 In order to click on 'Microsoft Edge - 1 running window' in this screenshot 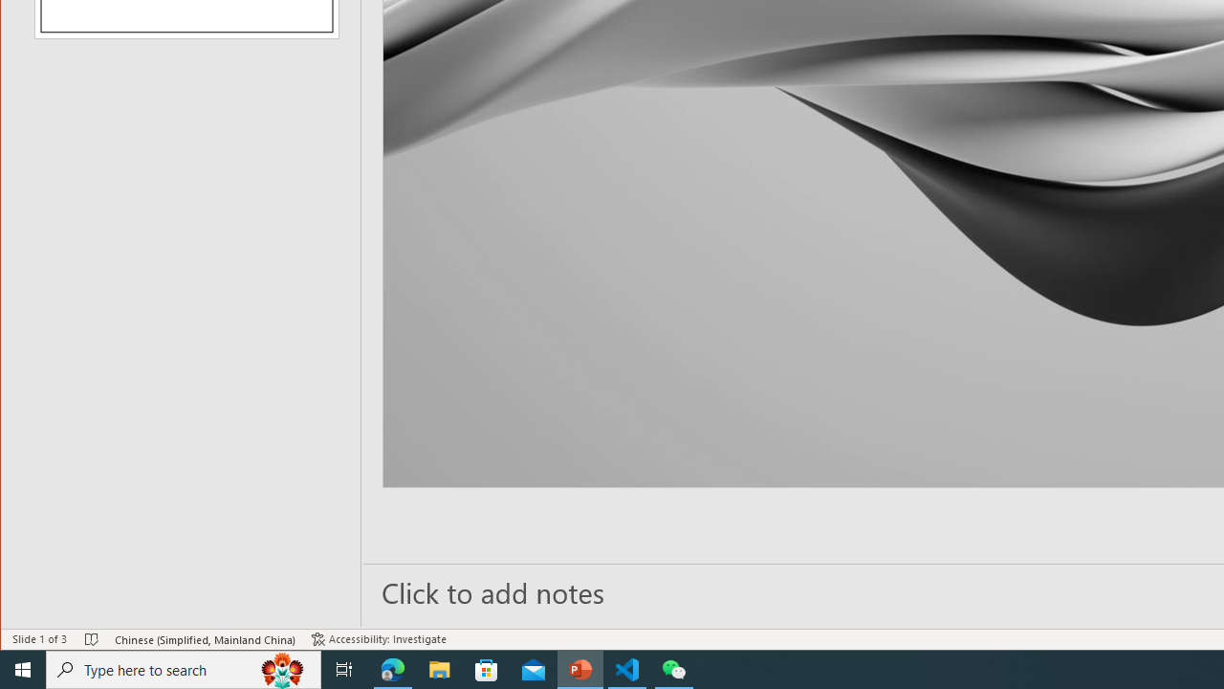, I will do `click(392, 668)`.